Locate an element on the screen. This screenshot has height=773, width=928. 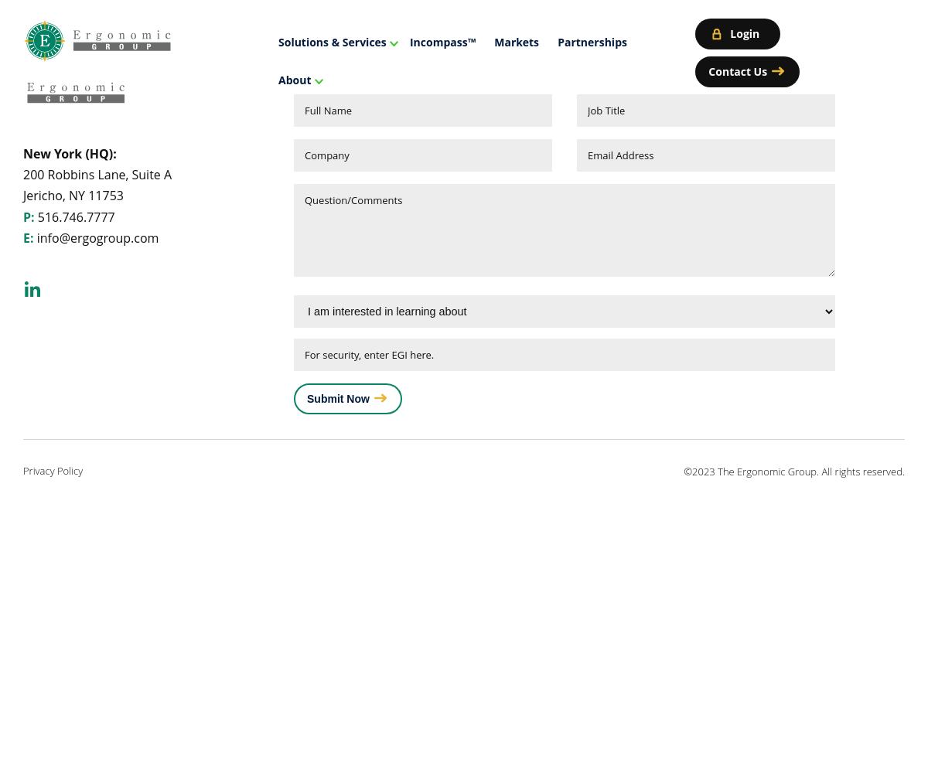
'About' is located at coordinates (278, 79).